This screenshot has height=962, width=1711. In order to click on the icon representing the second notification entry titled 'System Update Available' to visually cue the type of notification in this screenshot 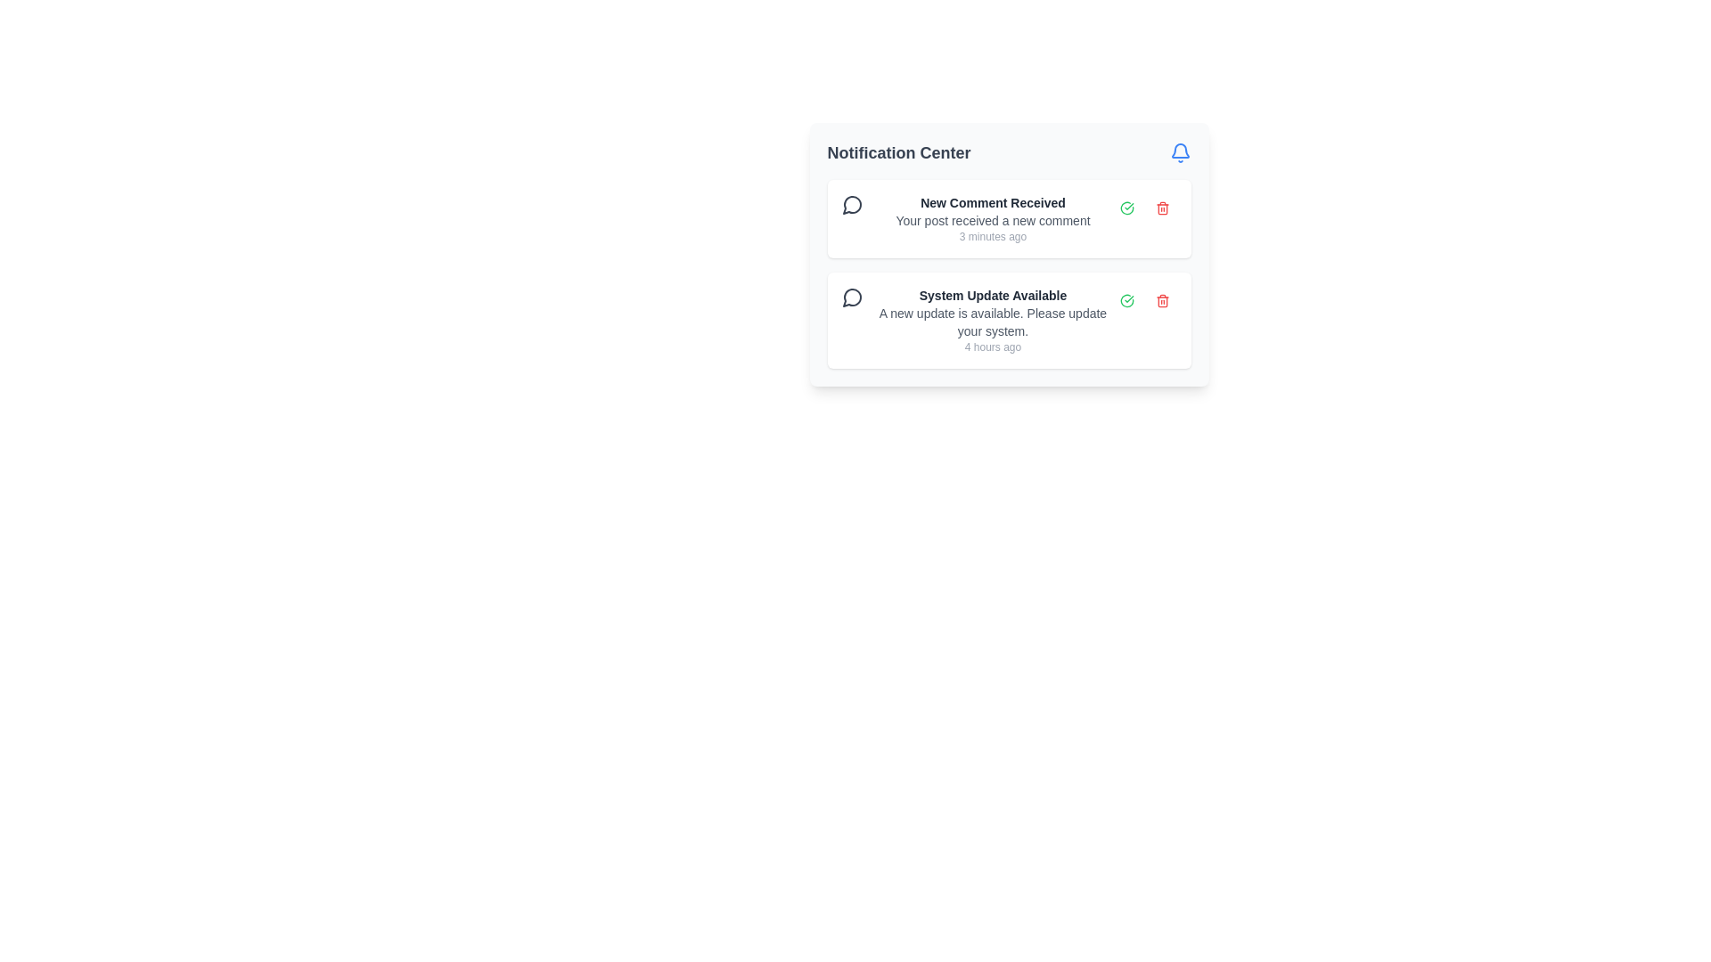, I will do `click(850, 297)`.